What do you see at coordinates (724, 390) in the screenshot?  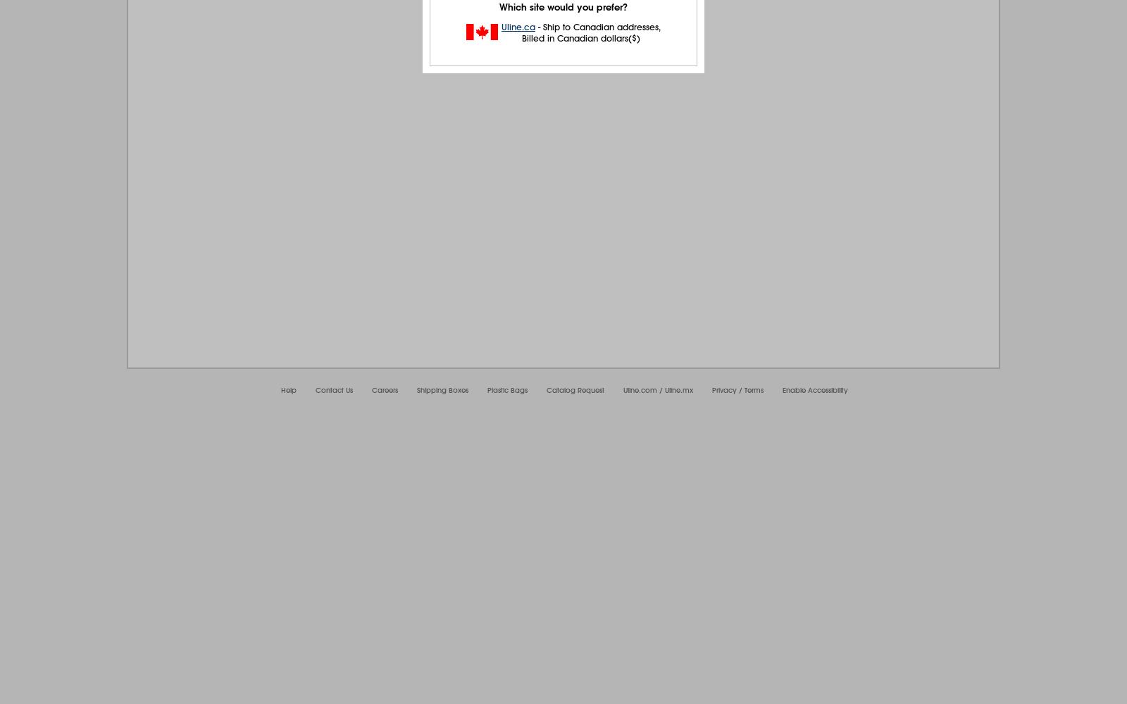 I see `'Privacy'` at bounding box center [724, 390].